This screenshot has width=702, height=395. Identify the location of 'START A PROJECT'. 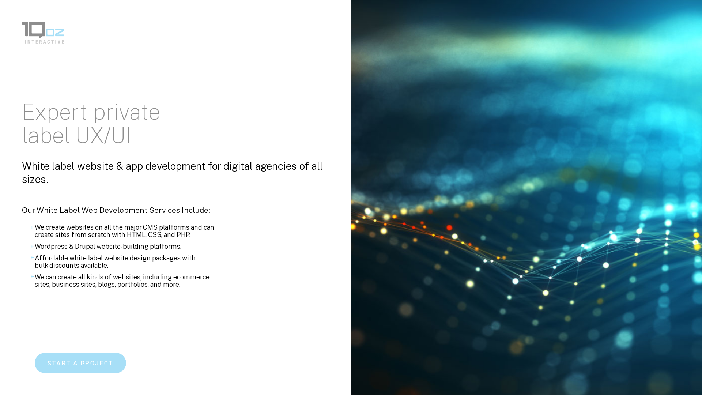
(80, 363).